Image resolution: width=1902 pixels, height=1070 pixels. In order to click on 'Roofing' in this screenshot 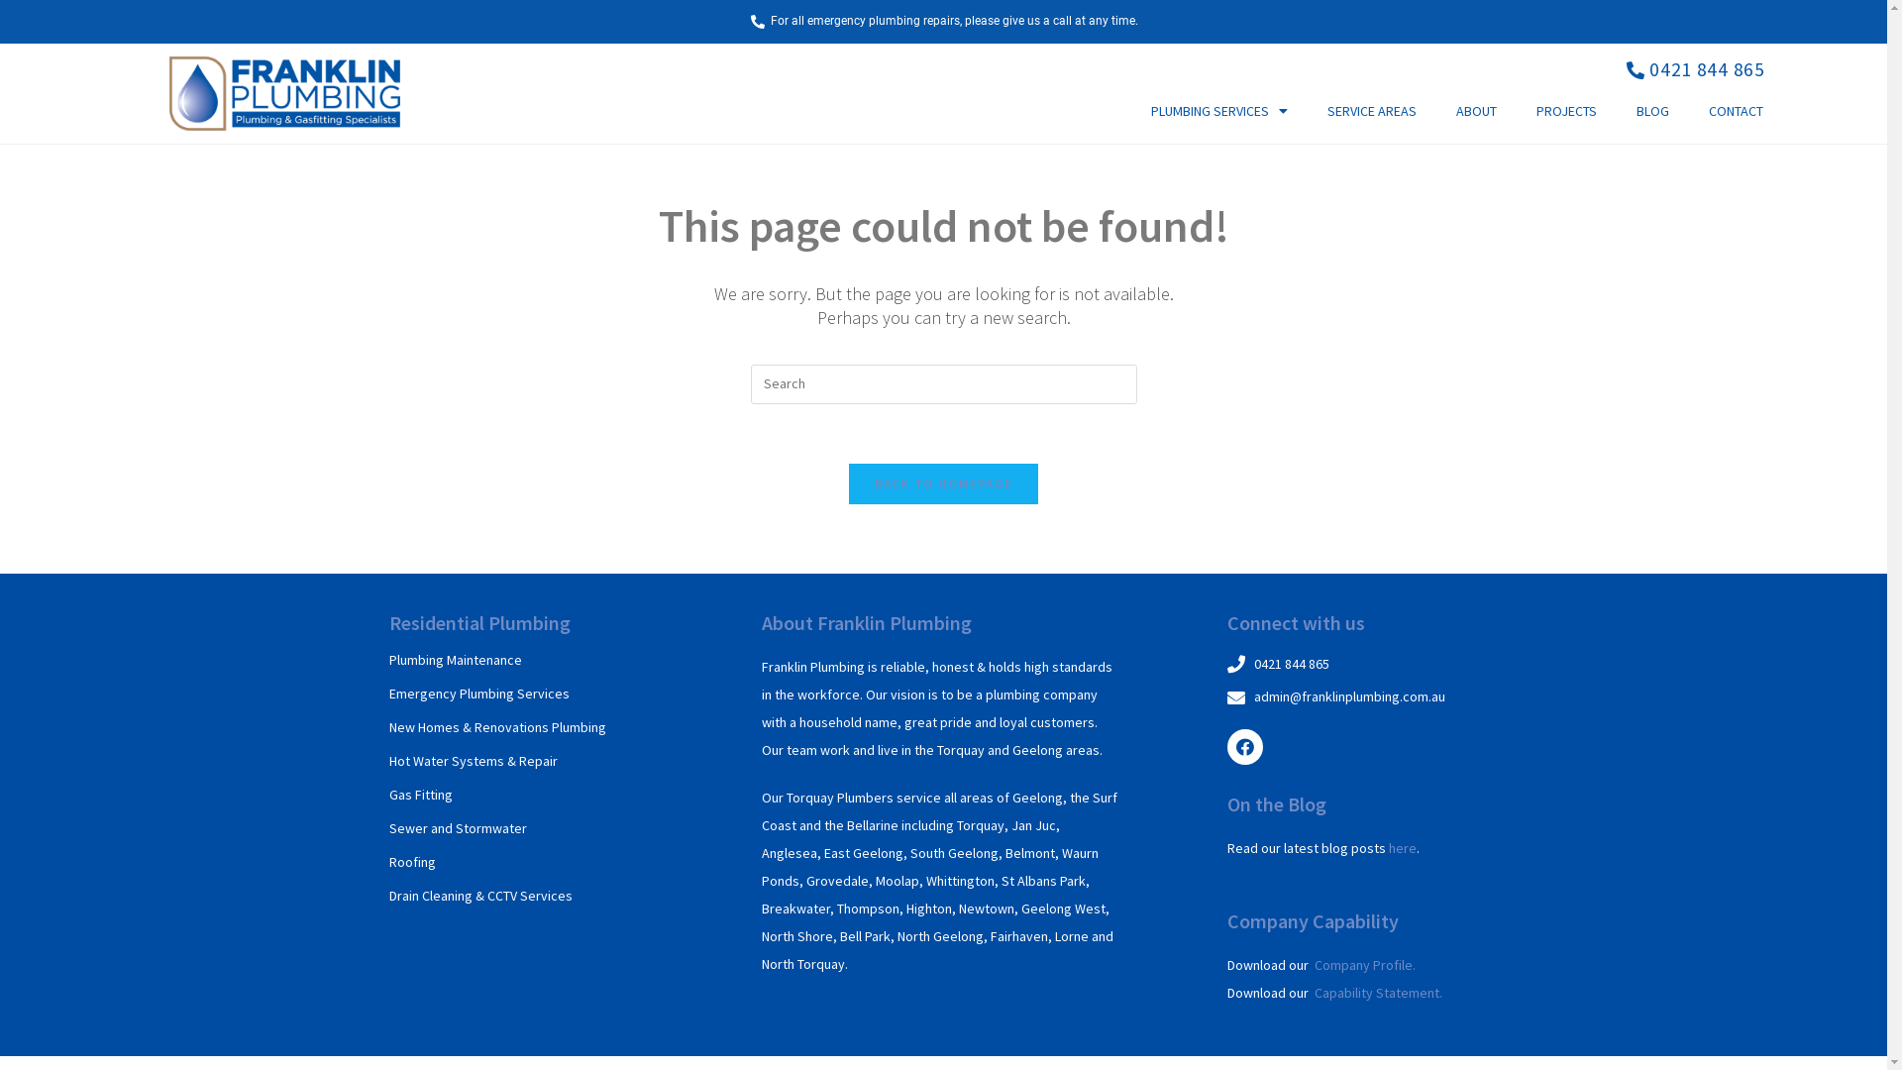, I will do `click(410, 861)`.